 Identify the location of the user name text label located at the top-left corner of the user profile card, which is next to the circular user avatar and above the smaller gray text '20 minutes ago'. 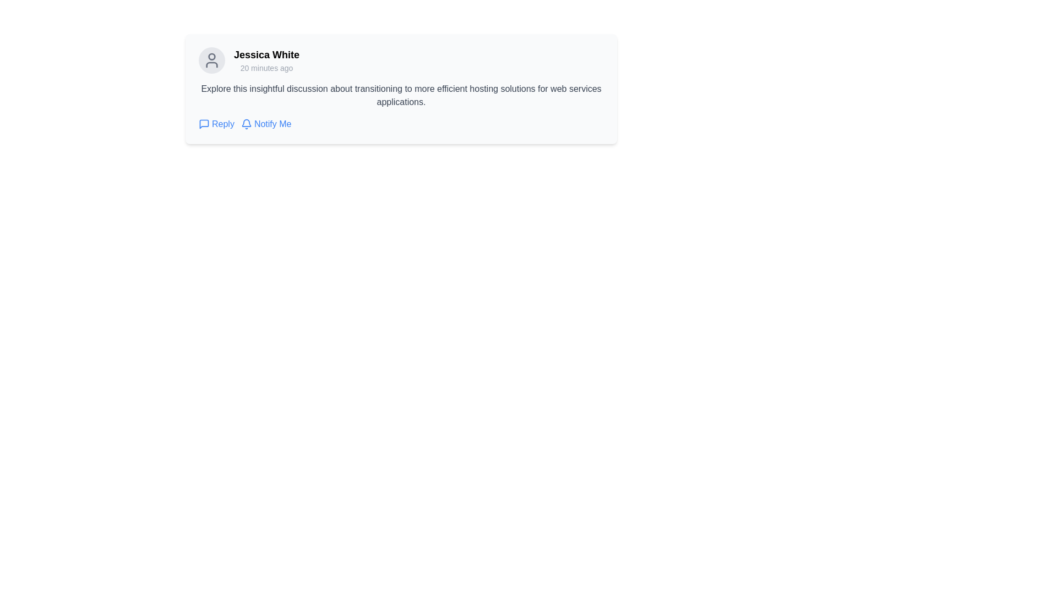
(266, 55).